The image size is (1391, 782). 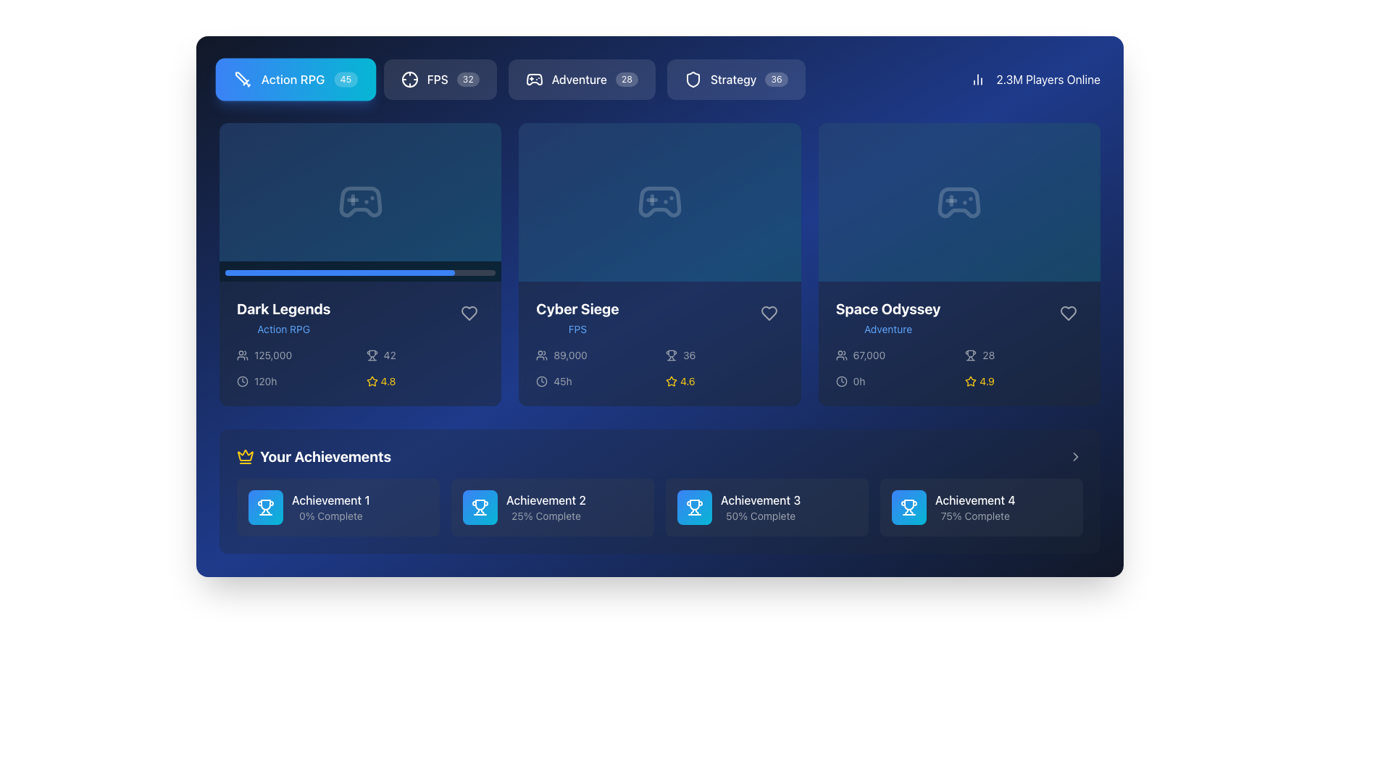 What do you see at coordinates (986, 381) in the screenshot?
I see `the yellow-colored text label displaying '4.9' located next to the star icon in the 'Space Odyssey' section` at bounding box center [986, 381].